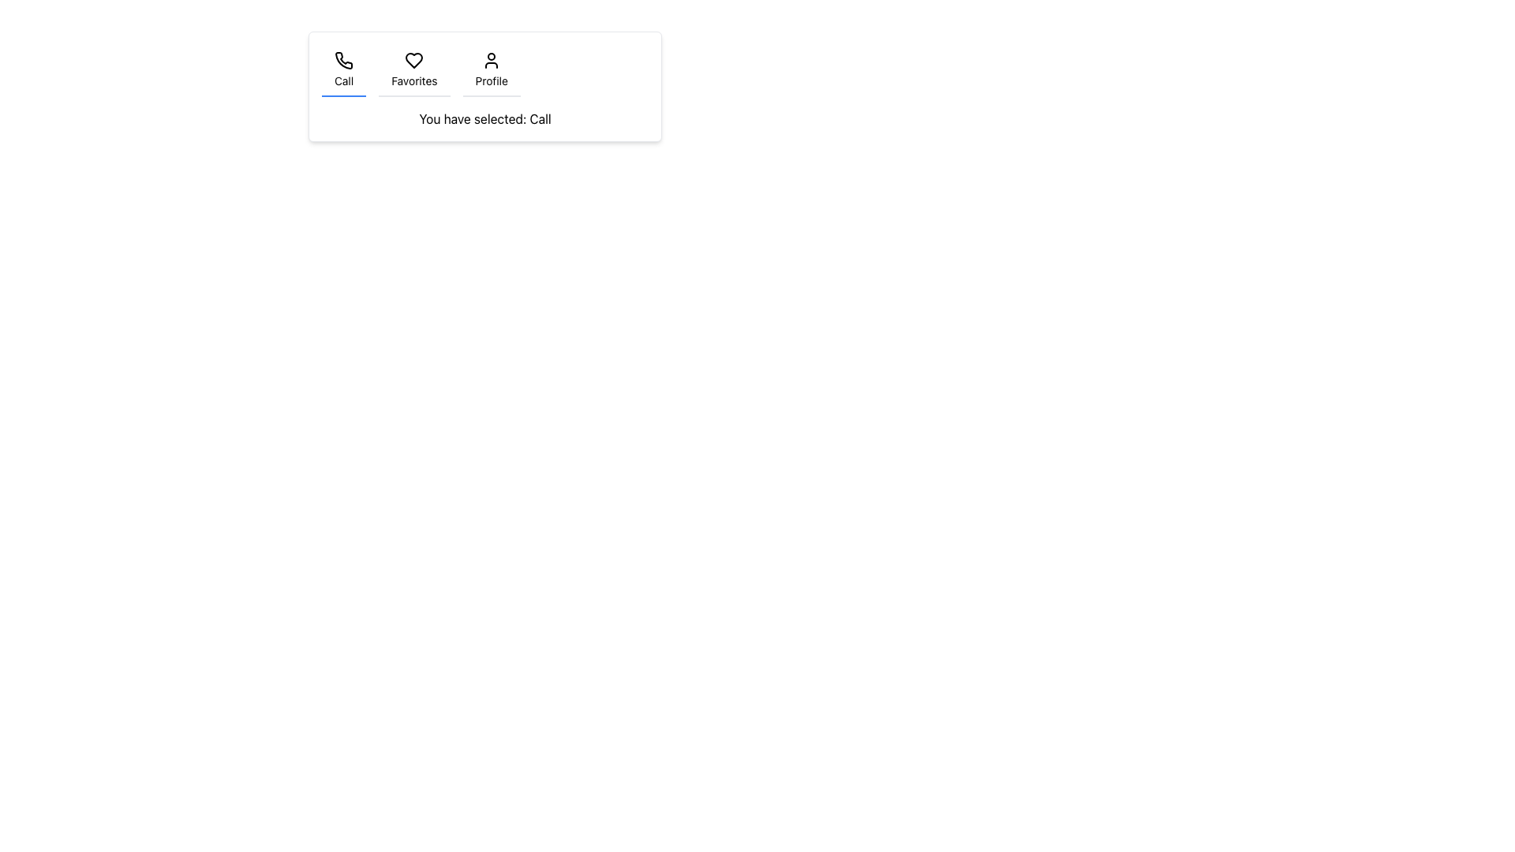 This screenshot has height=852, width=1515. Describe the element at coordinates (491, 81) in the screenshot. I see `the static text label displaying 'Profile', which is centrally aligned below a user icon and part of a grouping with 'Call' and 'Favorites'` at that location.